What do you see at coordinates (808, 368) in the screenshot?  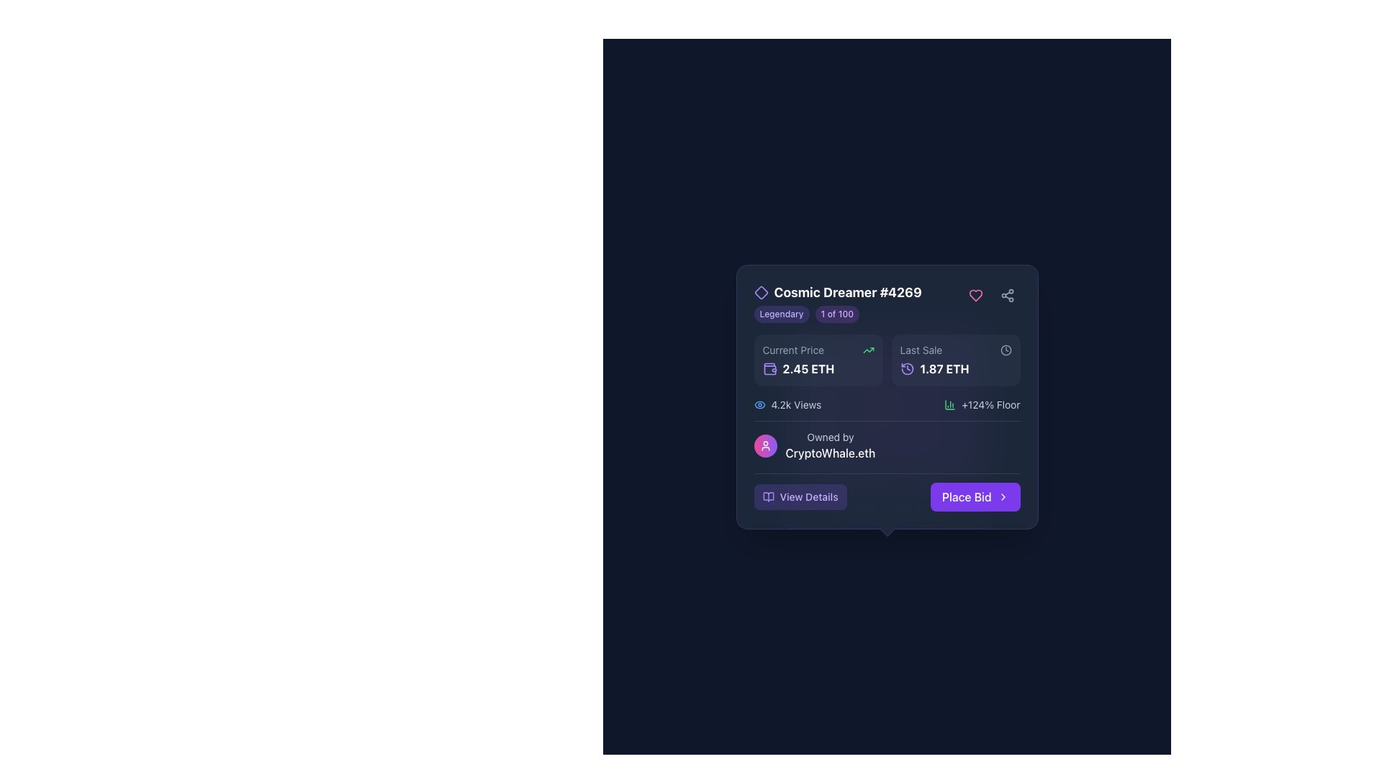 I see `the Text Label displaying the current price in Ethereum (ETH) located within the 'Current Price' section, positioned to the right of the wallet icon` at bounding box center [808, 368].